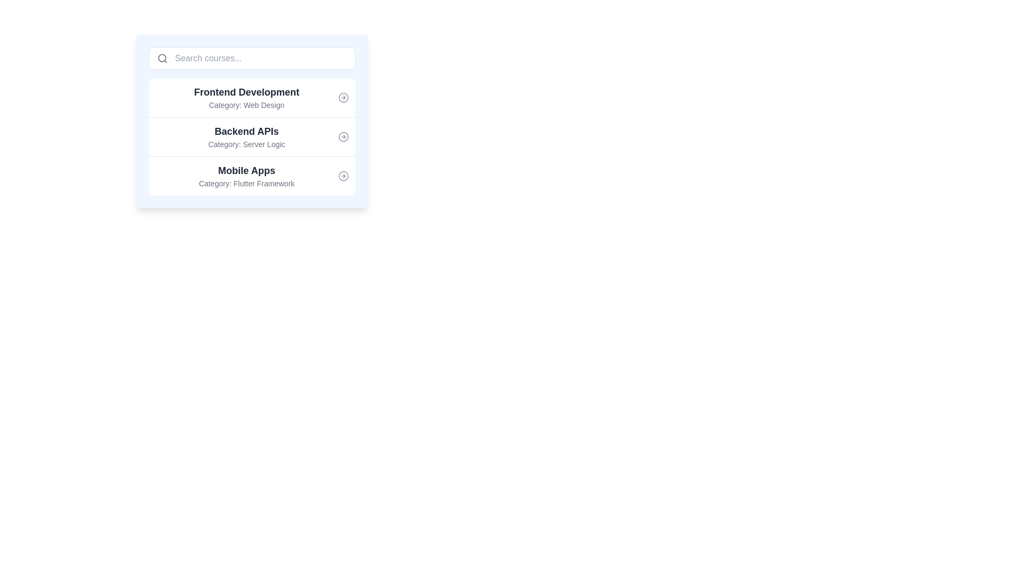  Describe the element at coordinates (343, 97) in the screenshot. I see `the minimalist gray circular icon with a right-pointing arrow, located to the far right of 'Frontend Development' in the category list` at that location.